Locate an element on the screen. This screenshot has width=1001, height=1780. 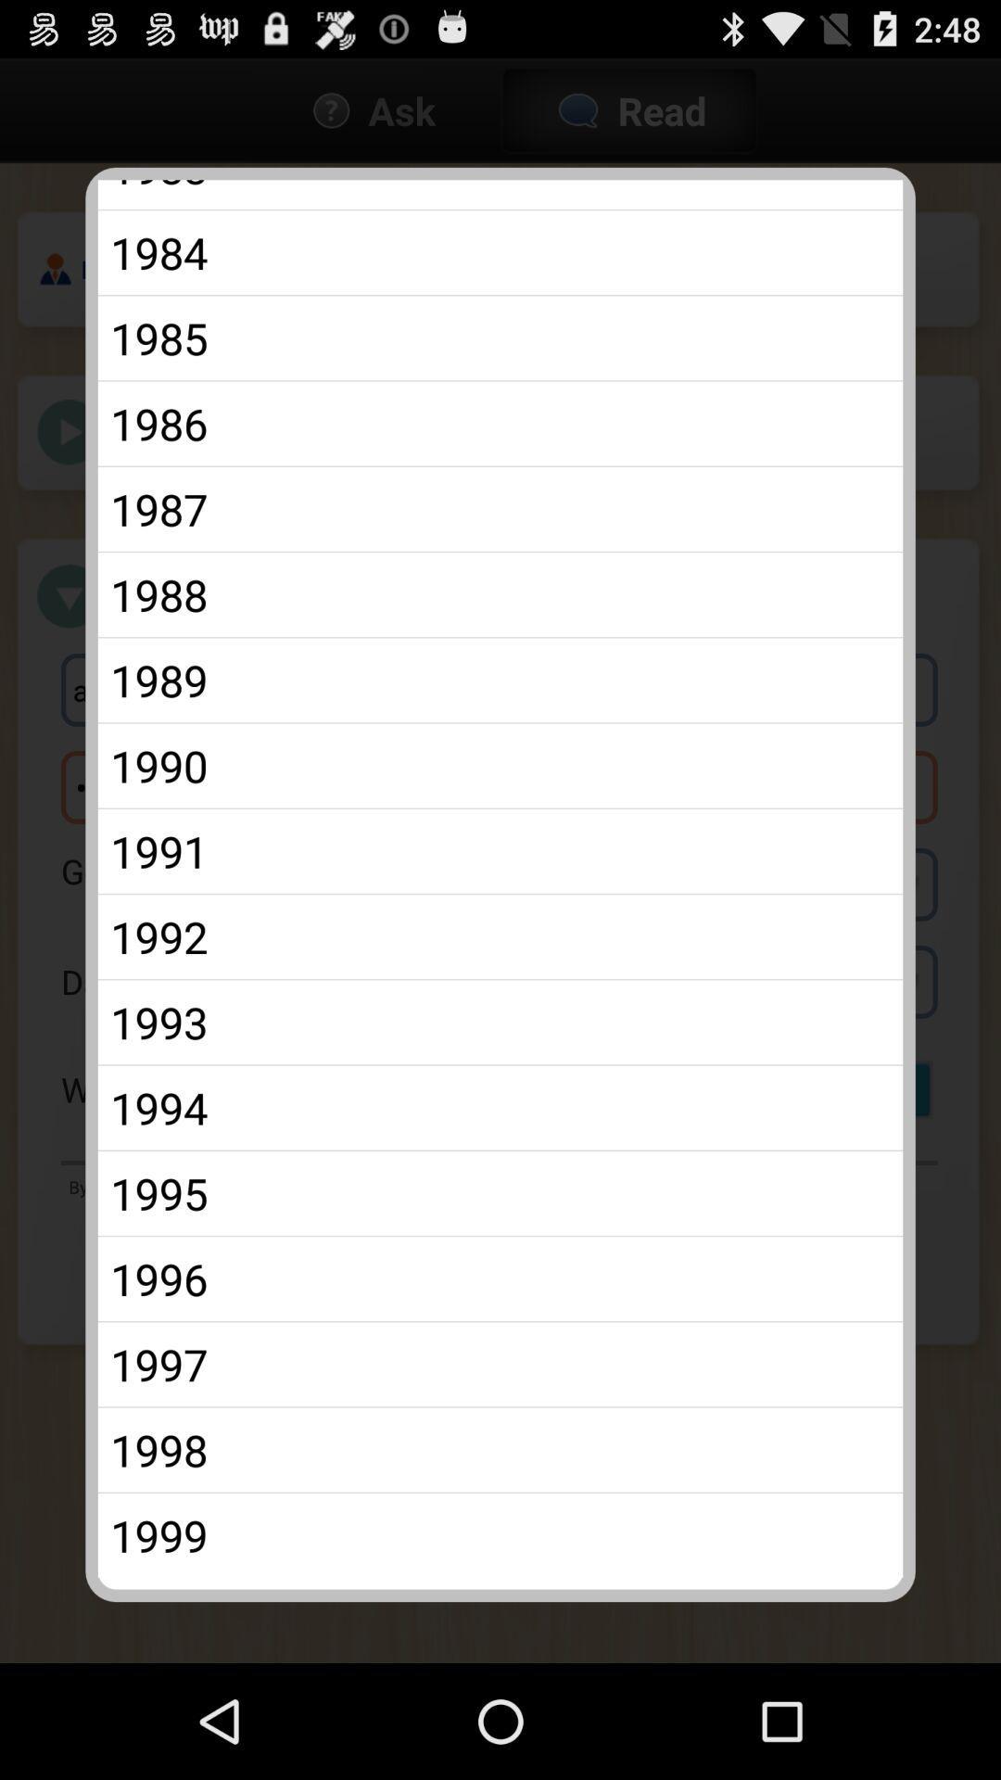
the item above the 1995 is located at coordinates (500, 1108).